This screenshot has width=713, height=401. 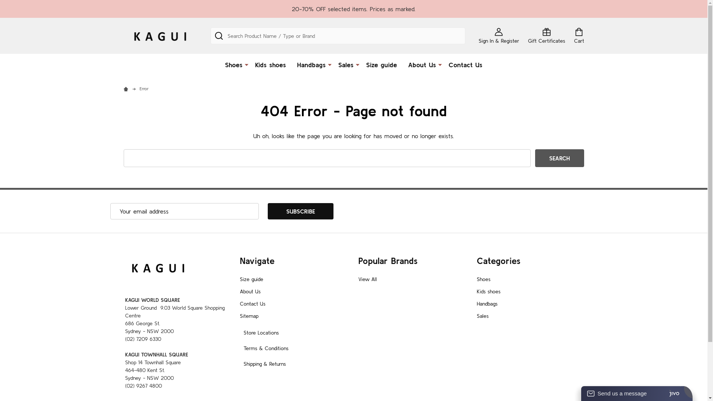 What do you see at coordinates (367, 279) in the screenshot?
I see `'View All'` at bounding box center [367, 279].